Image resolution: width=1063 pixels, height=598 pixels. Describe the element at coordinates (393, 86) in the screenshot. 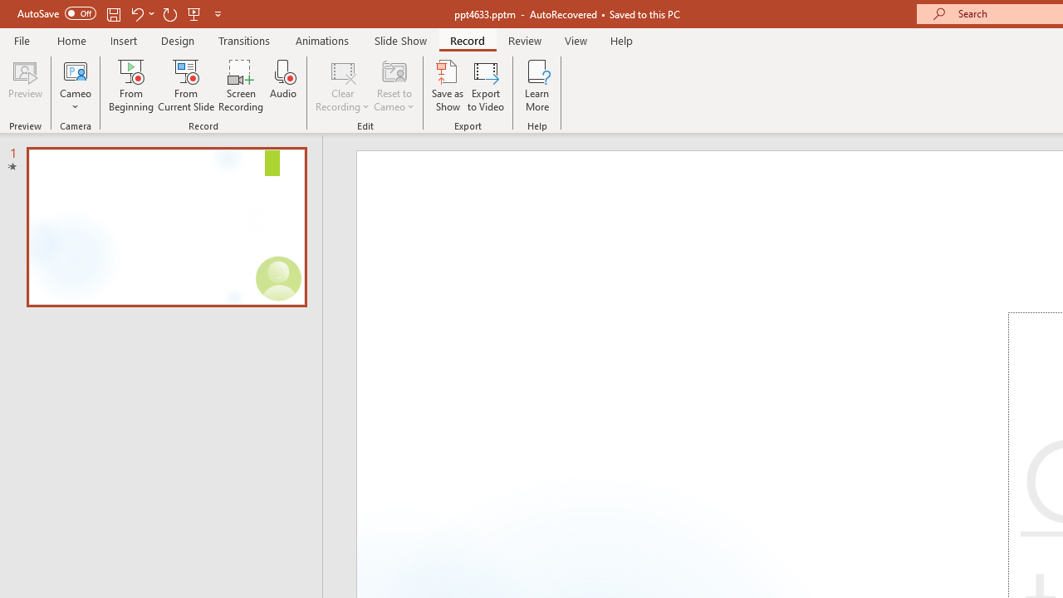

I see `'Reset to Cameo'` at that location.